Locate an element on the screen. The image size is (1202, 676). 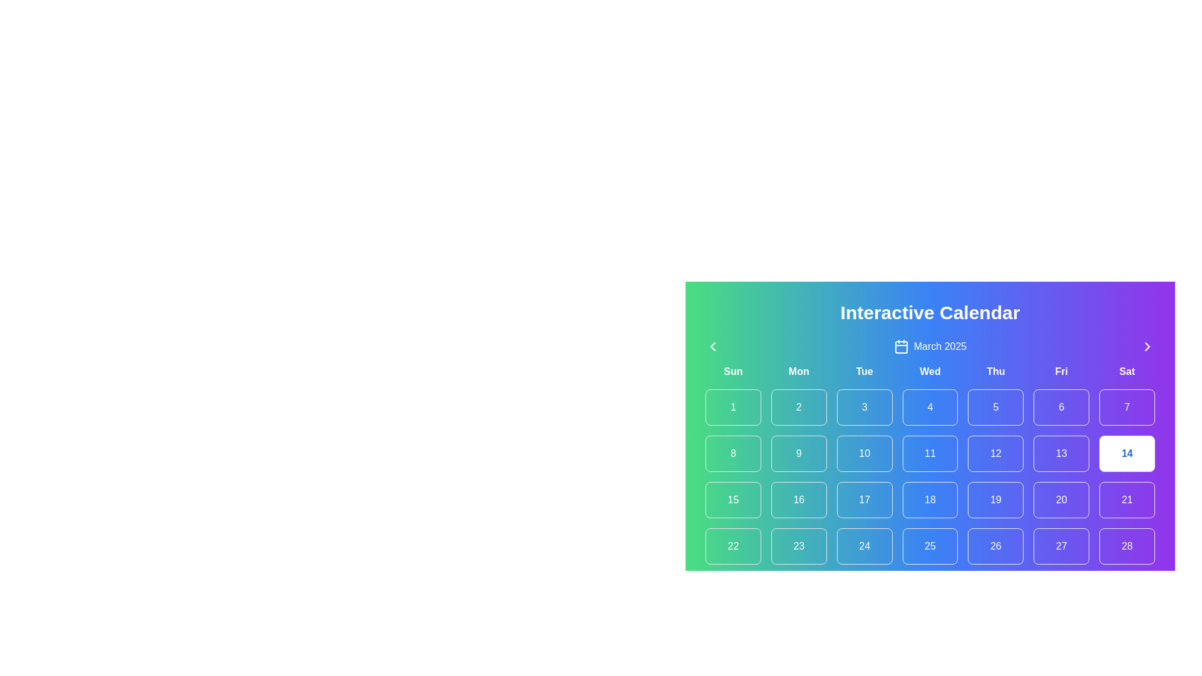
the Calendar Day Button displaying the number '6' to trigger the hover effect is located at coordinates (1061, 407).